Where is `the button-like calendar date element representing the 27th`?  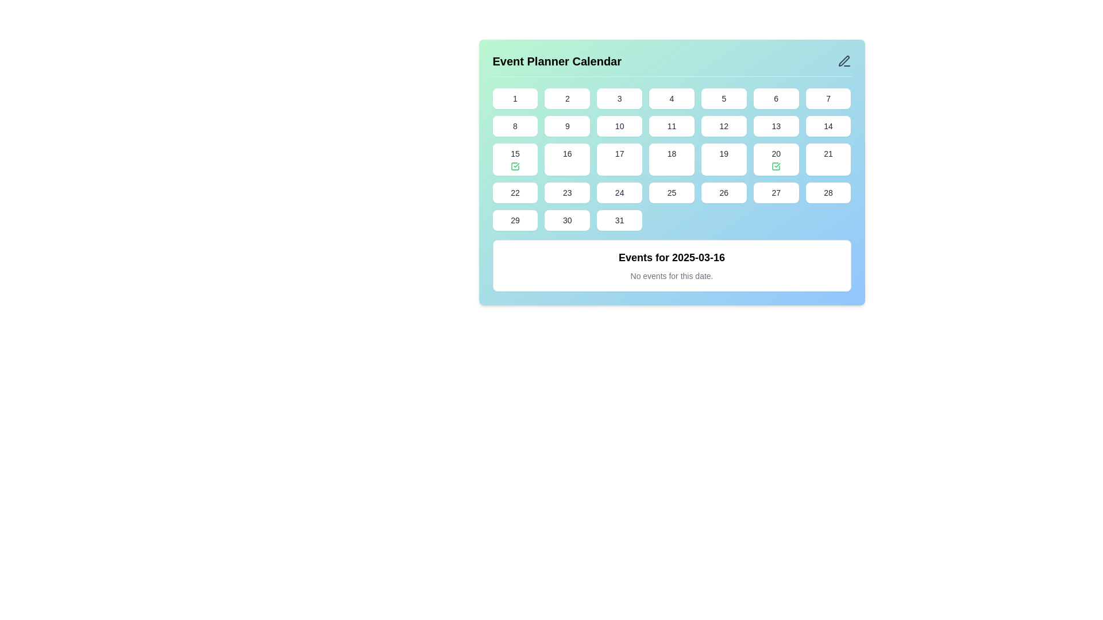
the button-like calendar date element representing the 27th is located at coordinates (776, 192).